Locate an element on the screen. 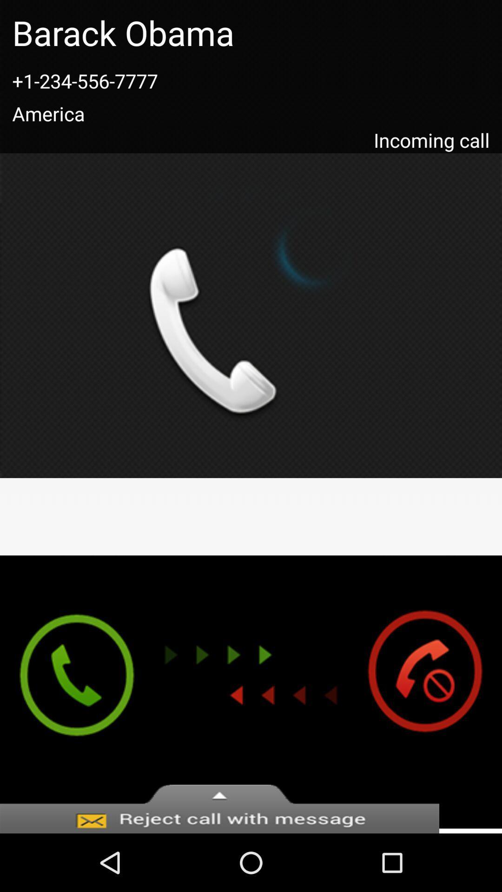 The height and width of the screenshot is (892, 502). cancel call is located at coordinates (434, 692).